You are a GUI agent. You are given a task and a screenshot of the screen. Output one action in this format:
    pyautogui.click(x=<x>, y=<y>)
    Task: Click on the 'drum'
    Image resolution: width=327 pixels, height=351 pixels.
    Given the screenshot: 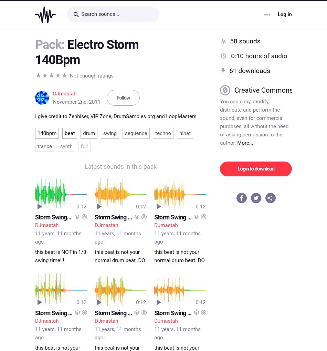 What is the action you would take?
    pyautogui.click(x=88, y=132)
    